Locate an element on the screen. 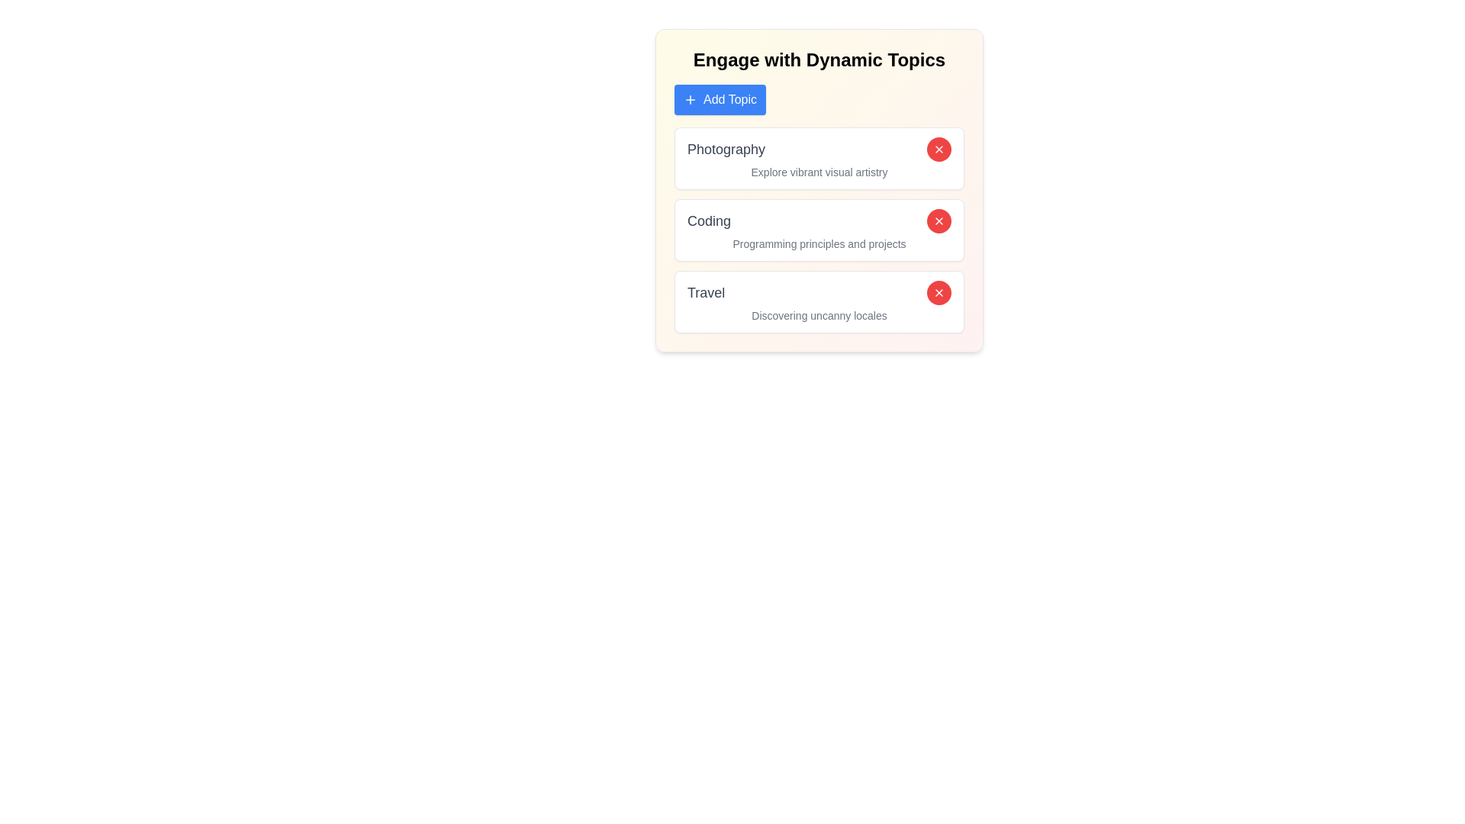  the 'Add Topic' button to add a new topic is located at coordinates (720, 100).